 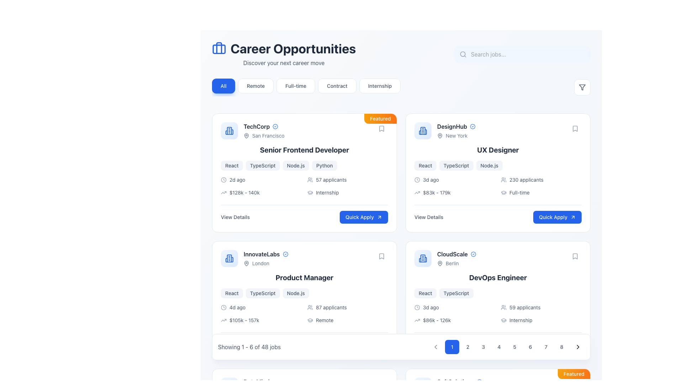 I want to click on the central part of the search icon, which is represented by the SVG circle element located at the right side of the header section, next to the job search text input field, so click(x=463, y=54).